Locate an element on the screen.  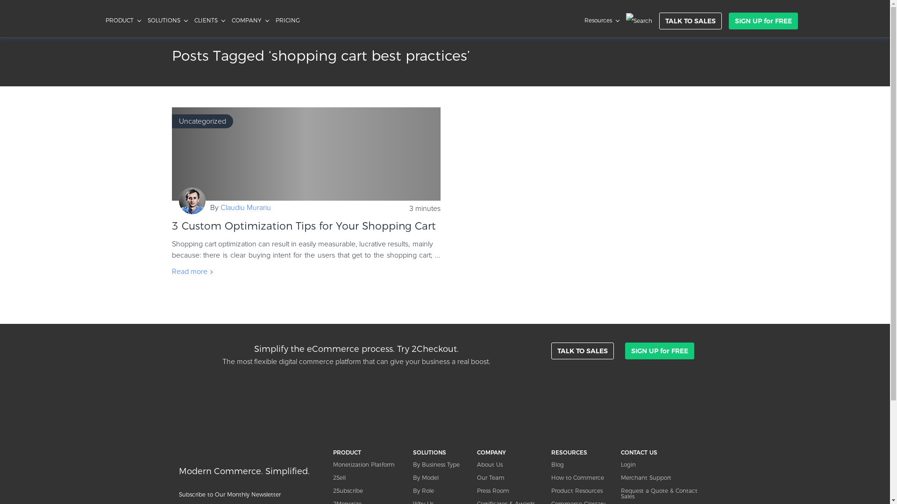
'Resources' is located at coordinates (601, 20).